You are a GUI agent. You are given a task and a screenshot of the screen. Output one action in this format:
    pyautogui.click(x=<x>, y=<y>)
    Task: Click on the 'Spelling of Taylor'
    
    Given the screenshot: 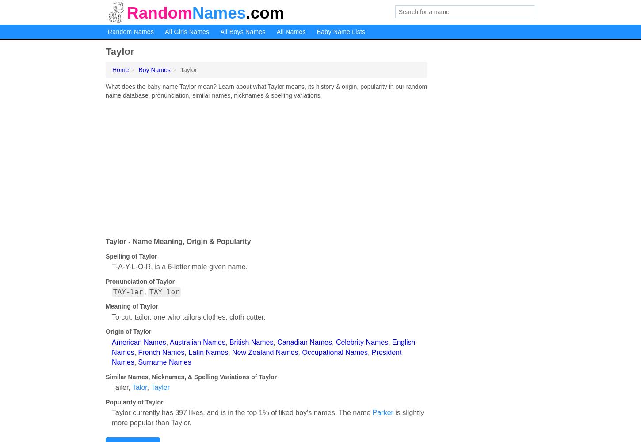 What is the action you would take?
    pyautogui.click(x=105, y=255)
    